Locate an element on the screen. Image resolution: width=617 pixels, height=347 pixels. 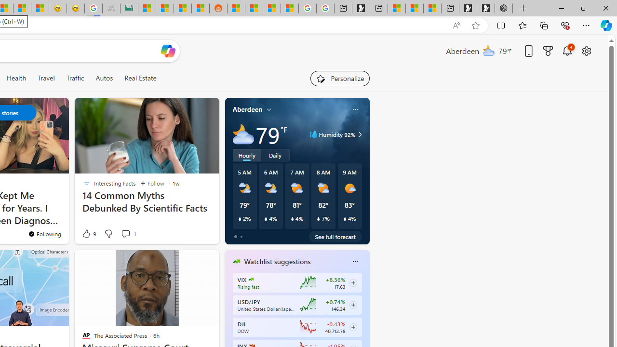
'You' is located at coordinates (188, 237).